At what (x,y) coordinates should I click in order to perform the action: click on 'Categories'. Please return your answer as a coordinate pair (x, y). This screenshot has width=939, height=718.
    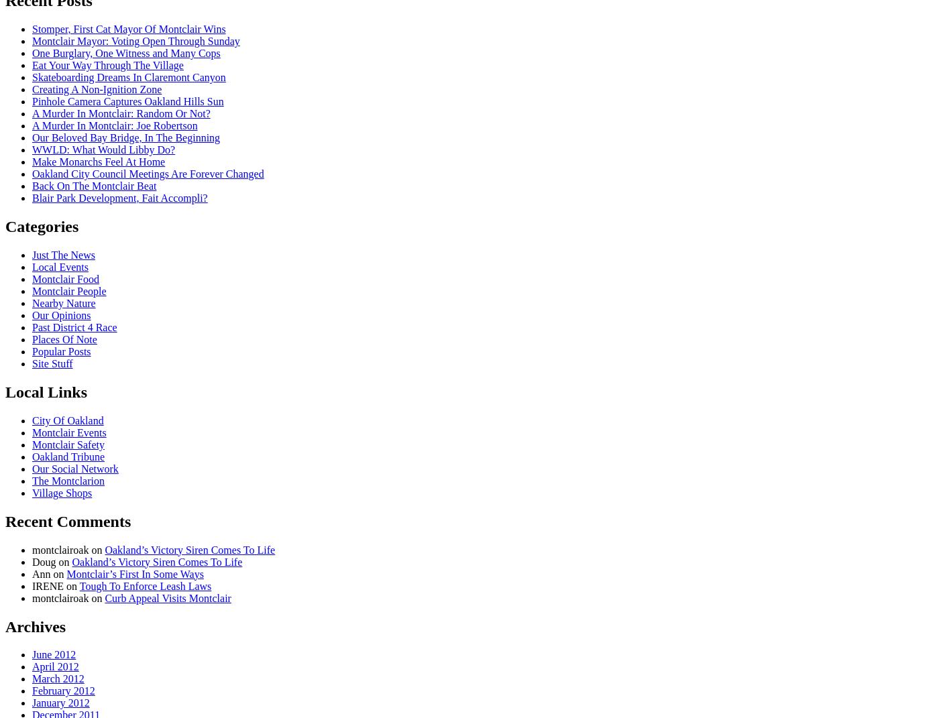
    Looking at the image, I should click on (41, 226).